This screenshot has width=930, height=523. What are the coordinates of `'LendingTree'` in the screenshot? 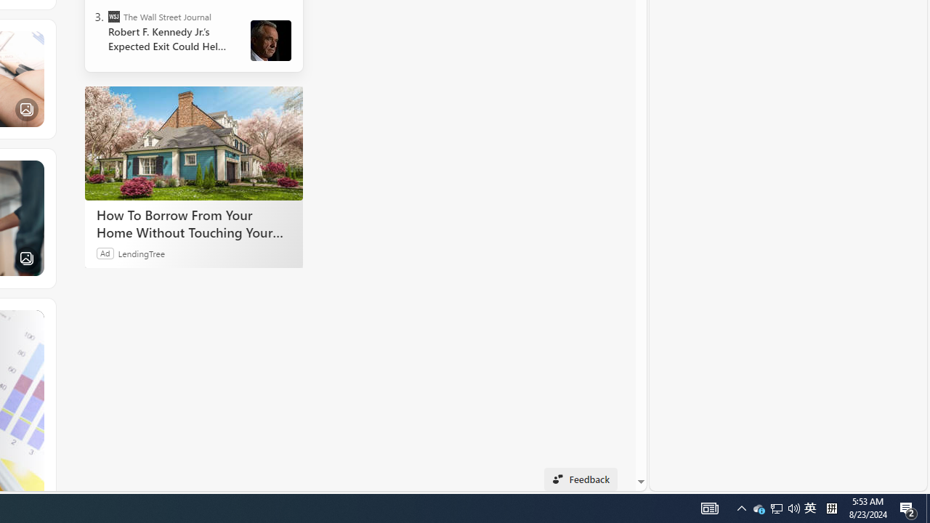 It's located at (142, 252).